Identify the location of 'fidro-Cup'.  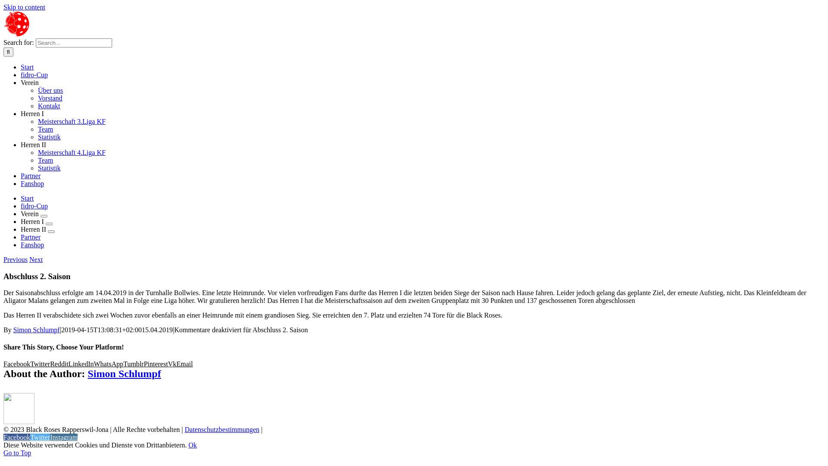
(21, 74).